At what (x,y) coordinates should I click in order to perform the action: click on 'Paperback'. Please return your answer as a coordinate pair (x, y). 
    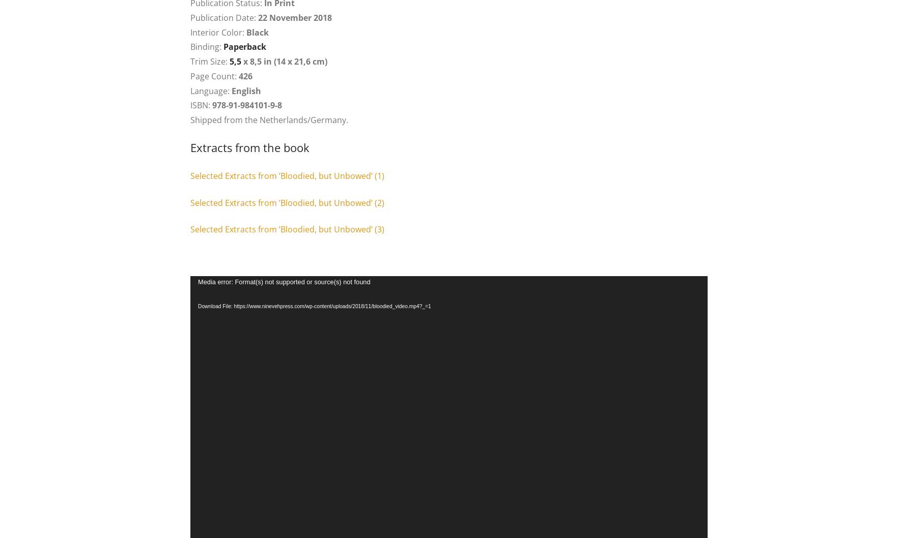
    Looking at the image, I should click on (245, 46).